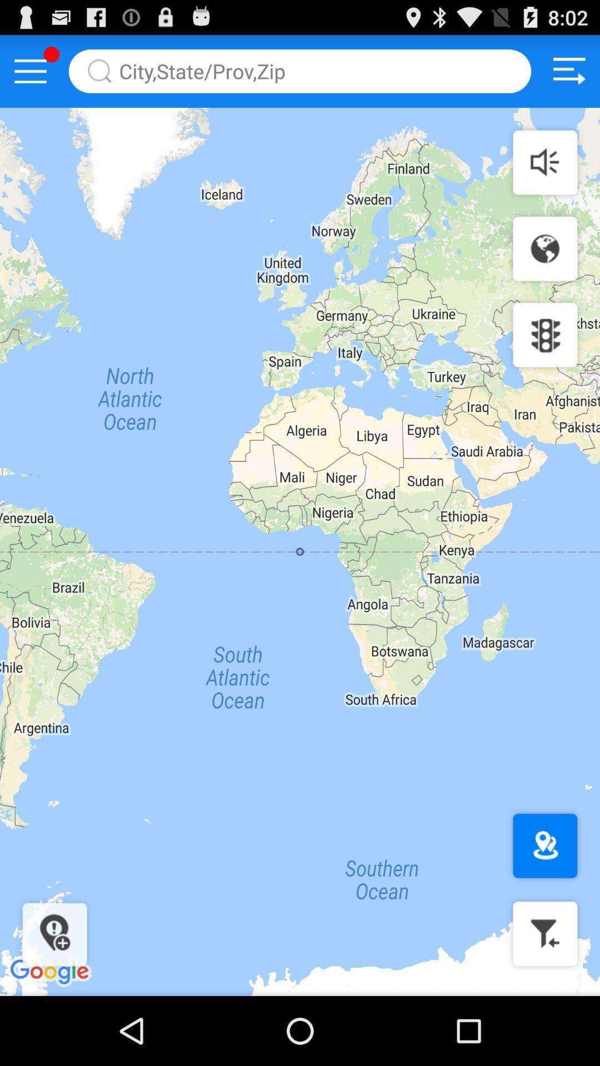 This screenshot has height=1066, width=600. What do you see at coordinates (300, 552) in the screenshot?
I see `the item at the center` at bounding box center [300, 552].